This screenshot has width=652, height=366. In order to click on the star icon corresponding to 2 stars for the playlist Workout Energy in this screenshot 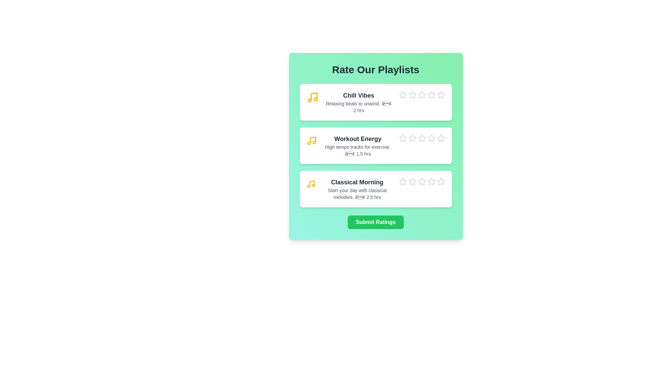, I will do `click(408, 134)`.